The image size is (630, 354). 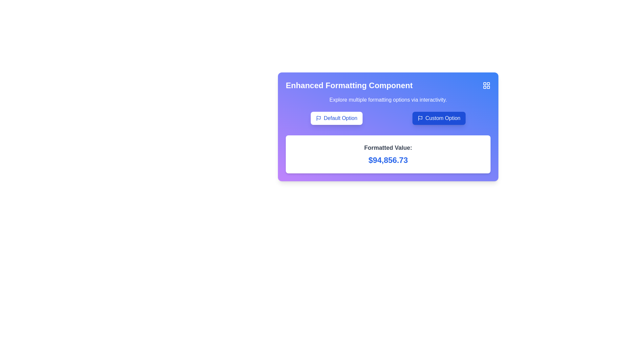 I want to click on the centered text block containing the message 'Explore multiple formatting options via interactivity.' which is located below the title 'Enhanced Formatting Component', so click(x=388, y=100).